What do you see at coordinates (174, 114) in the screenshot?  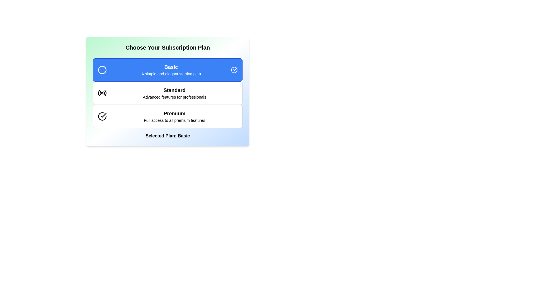 I see `'Premium' subscription title text label, which serves as the header for the subscription option, located above the descriptive text within the third subscription card` at bounding box center [174, 114].